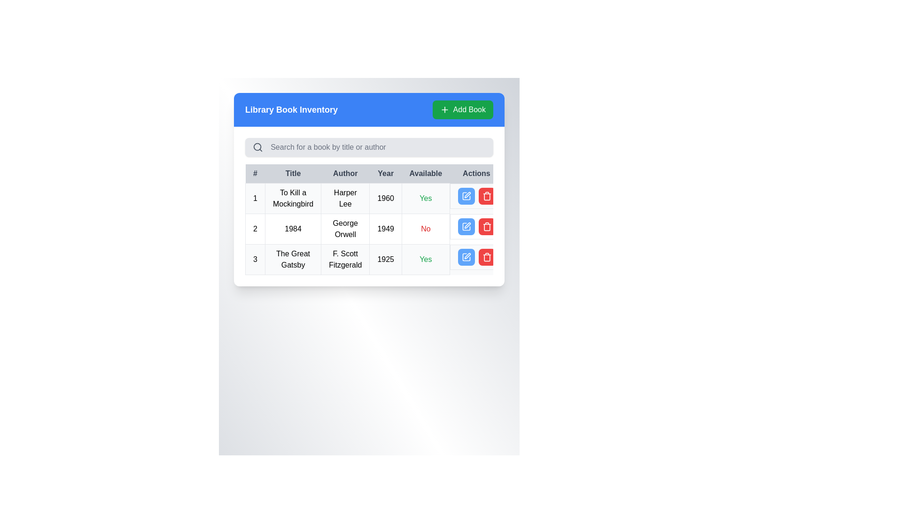 The width and height of the screenshot is (902, 507). What do you see at coordinates (425, 198) in the screenshot?
I see `the text label indicating the availability status of the book in the 'Available' column of the third row` at bounding box center [425, 198].